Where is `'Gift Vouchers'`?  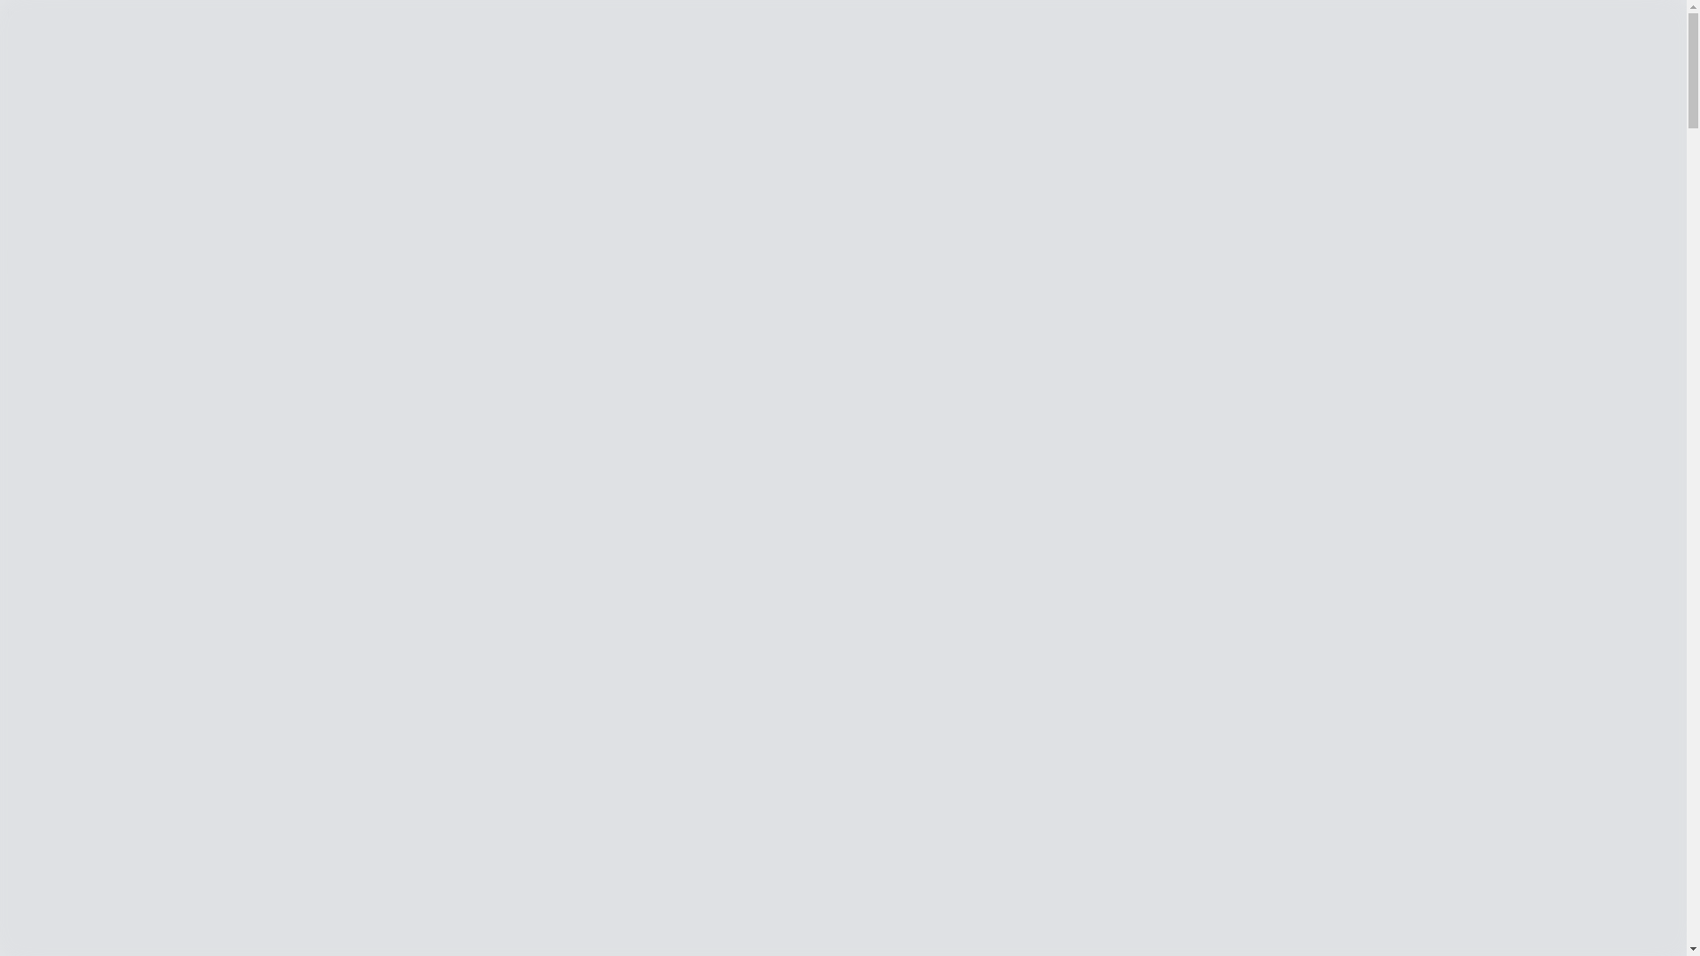
'Gift Vouchers' is located at coordinates (116, 575).